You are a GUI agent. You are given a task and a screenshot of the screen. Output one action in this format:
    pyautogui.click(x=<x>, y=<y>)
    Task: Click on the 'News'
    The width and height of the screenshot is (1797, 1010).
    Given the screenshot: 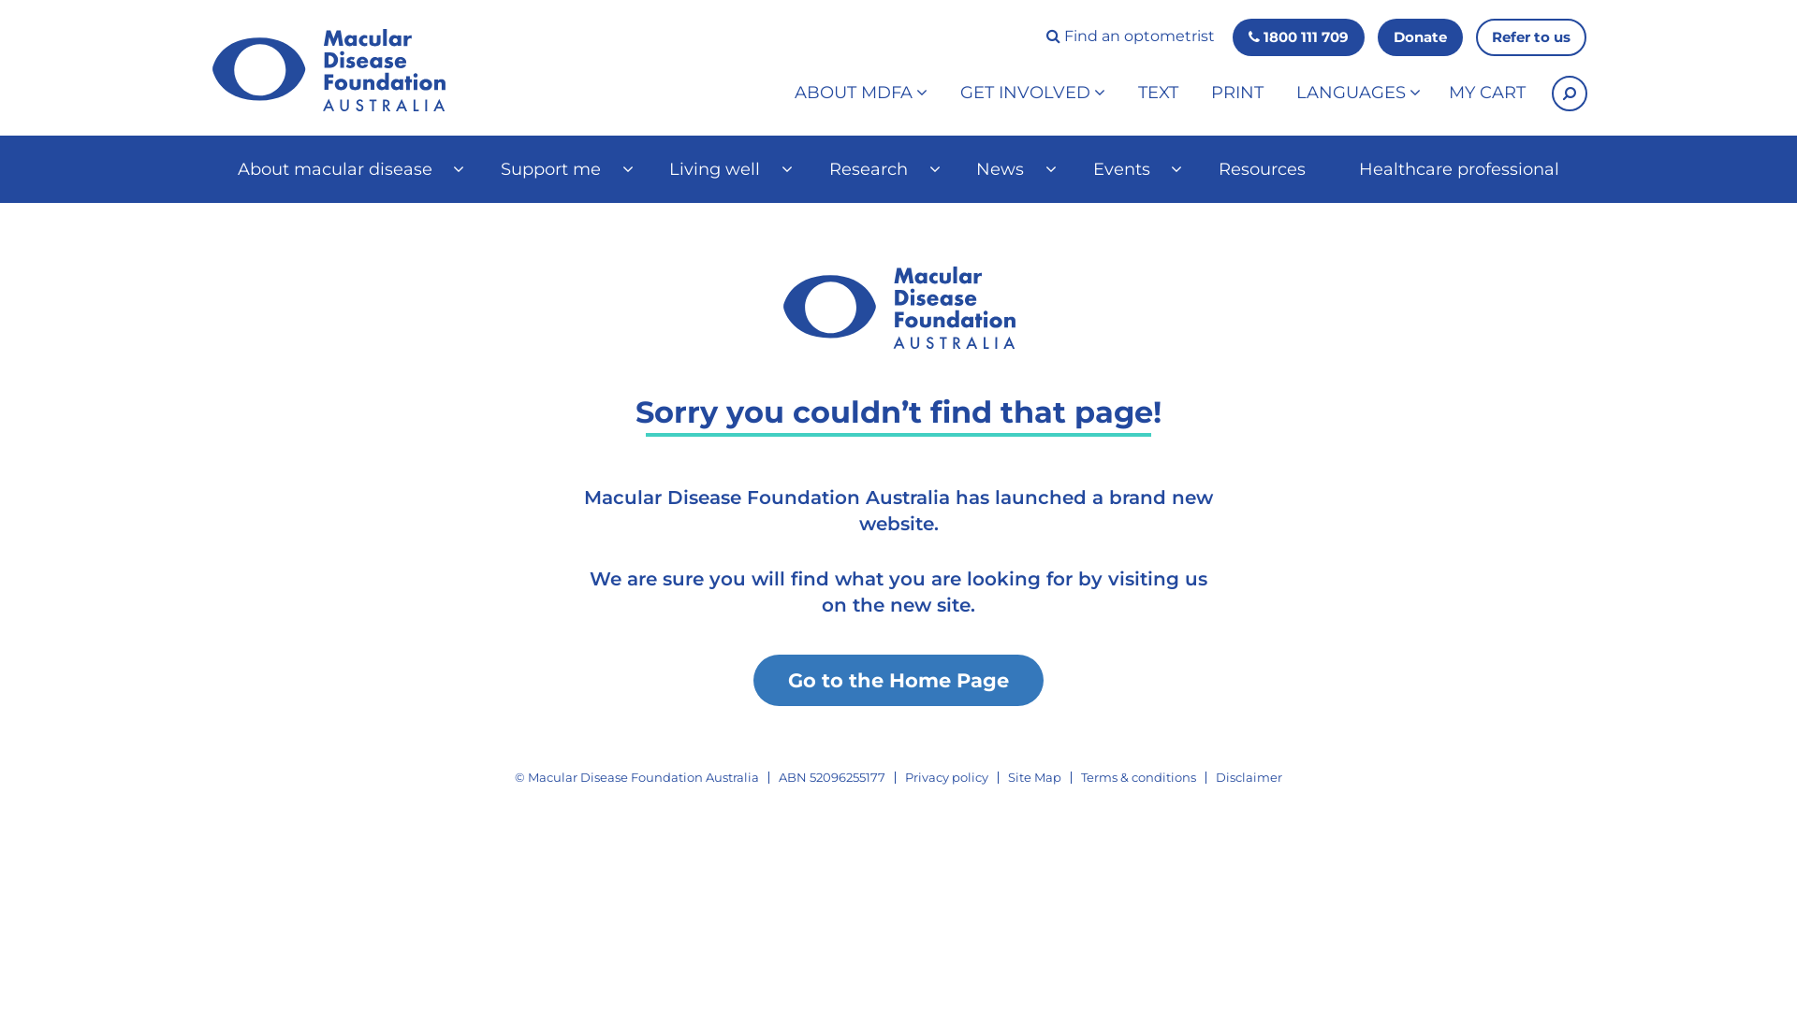 What is the action you would take?
    pyautogui.click(x=1005, y=169)
    